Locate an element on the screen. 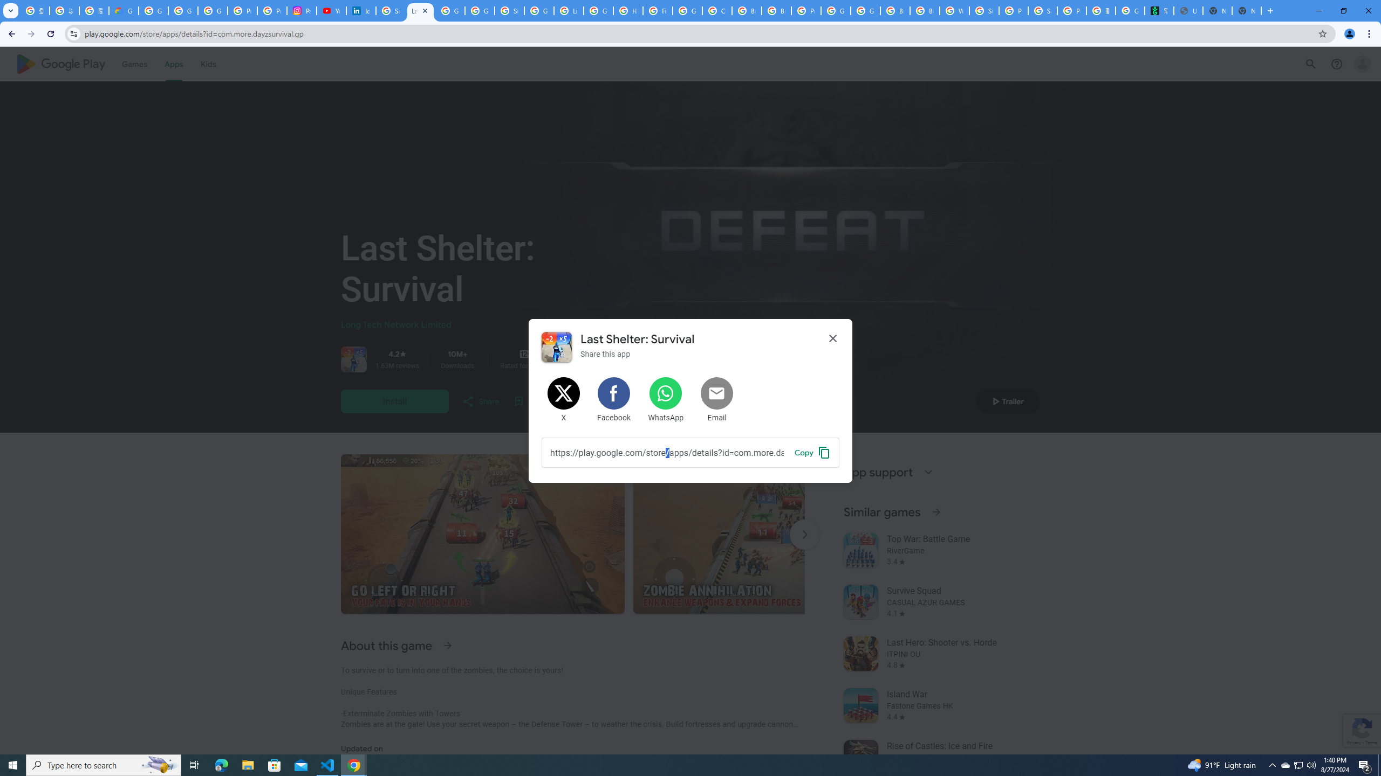 The height and width of the screenshot is (776, 1381). 'New Tab' is located at coordinates (1247, 10).